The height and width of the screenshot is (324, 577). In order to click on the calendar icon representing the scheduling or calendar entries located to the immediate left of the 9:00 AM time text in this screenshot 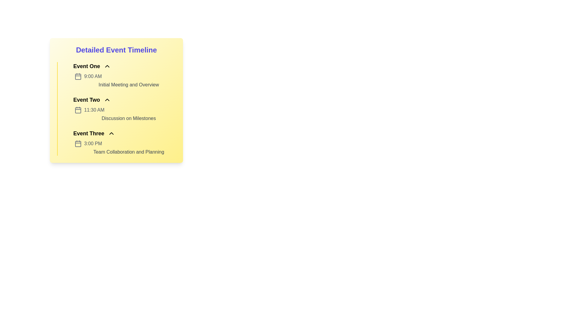, I will do `click(78, 76)`.